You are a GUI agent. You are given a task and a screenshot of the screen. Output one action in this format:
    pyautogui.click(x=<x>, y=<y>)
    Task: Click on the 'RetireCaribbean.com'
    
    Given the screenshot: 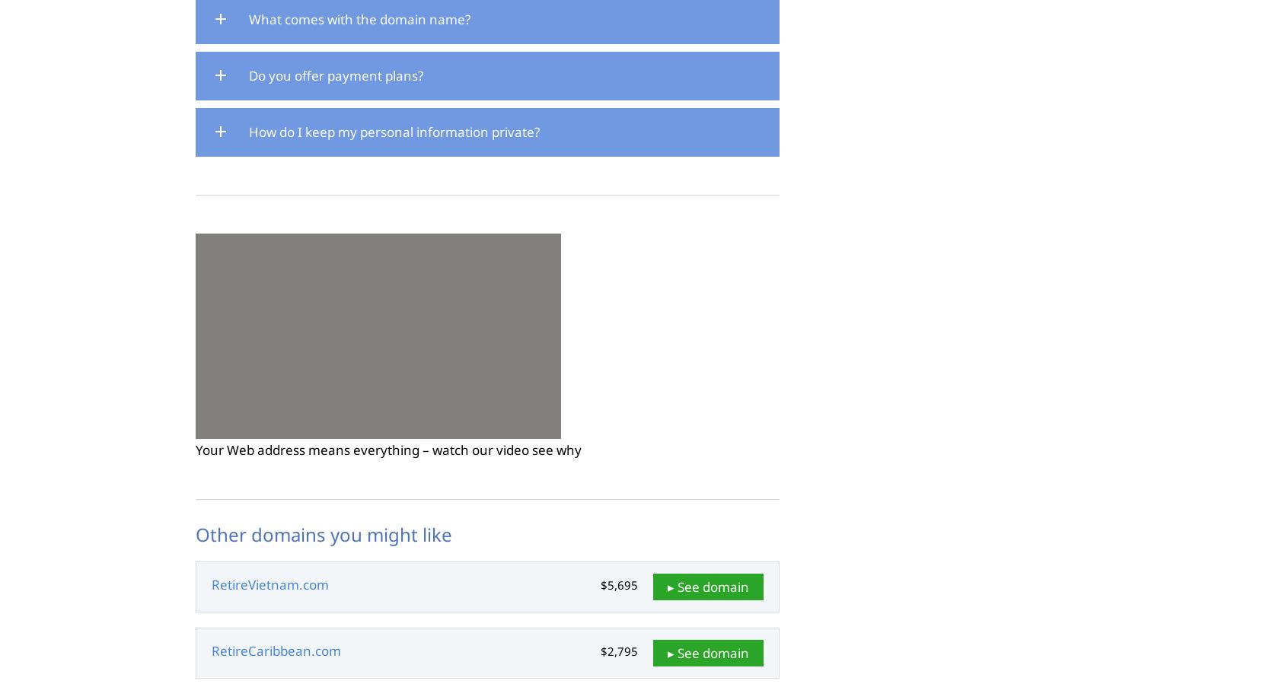 What is the action you would take?
    pyautogui.click(x=212, y=650)
    